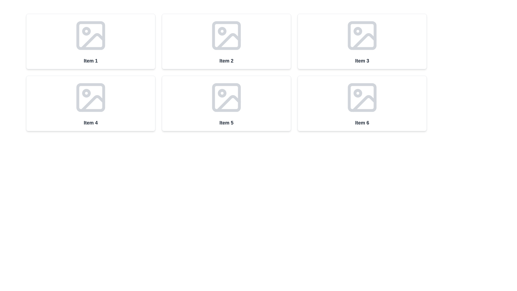 The height and width of the screenshot is (291, 517). What do you see at coordinates (222, 93) in the screenshot?
I see `the presence of the small circular dot within the image placeholder icon located in the second row, middle column of a 2x3 grid layout` at bounding box center [222, 93].